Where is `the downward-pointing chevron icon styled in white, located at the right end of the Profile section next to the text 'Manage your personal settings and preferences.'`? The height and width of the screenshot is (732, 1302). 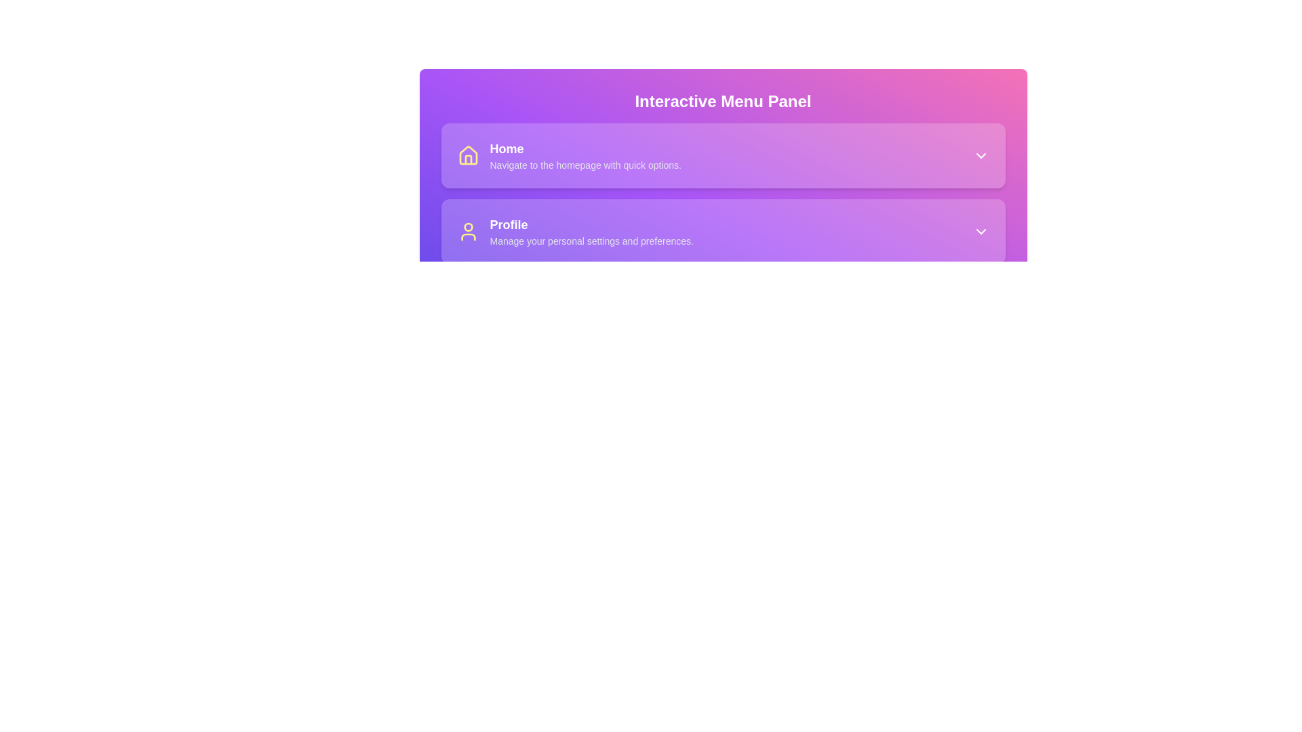 the downward-pointing chevron icon styled in white, located at the right end of the Profile section next to the text 'Manage your personal settings and preferences.' is located at coordinates (981, 231).